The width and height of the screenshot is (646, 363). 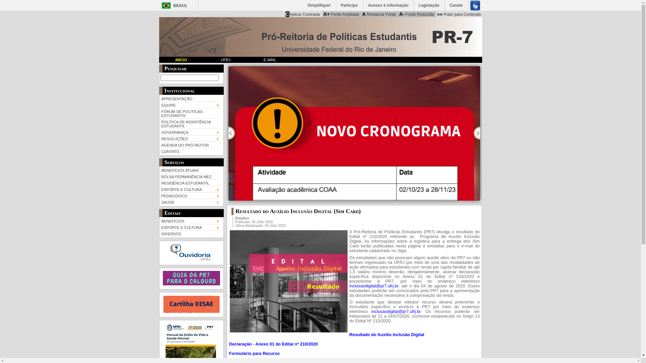 What do you see at coordinates (159, 233) in the screenshot?
I see `'DIVERSOS'` at bounding box center [159, 233].